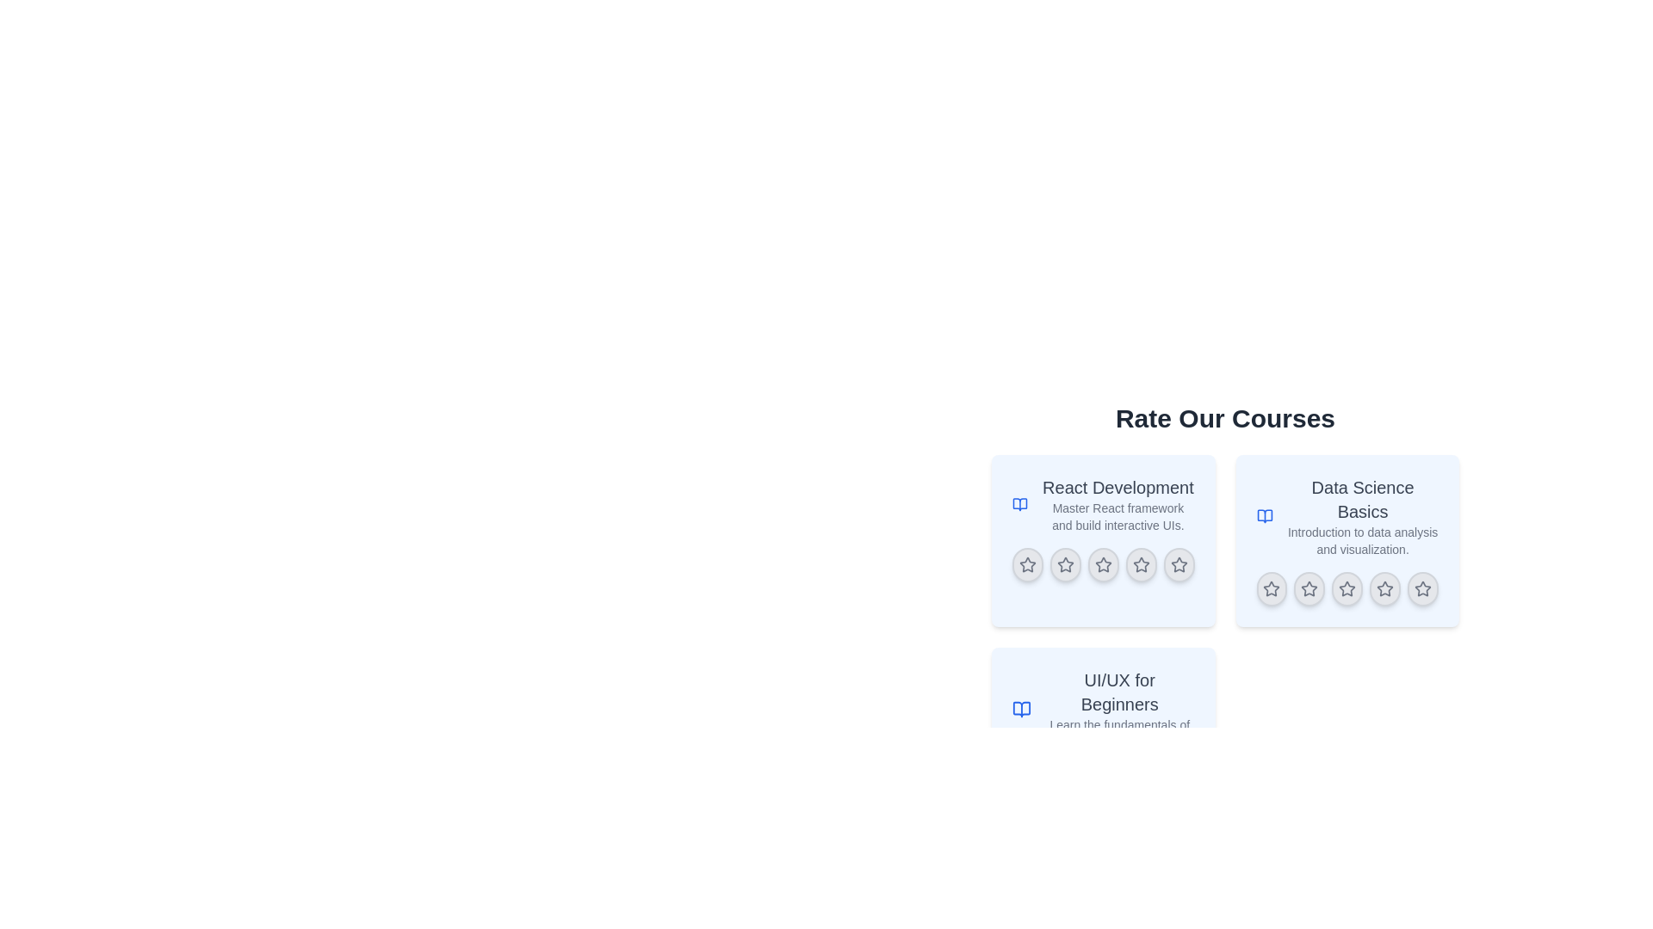 The image size is (1653, 929). What do you see at coordinates (1117, 503) in the screenshot?
I see `the text element providing the title and description for the course 'React Development' located in the top-left card under the header 'Rate Our Courses'` at bounding box center [1117, 503].